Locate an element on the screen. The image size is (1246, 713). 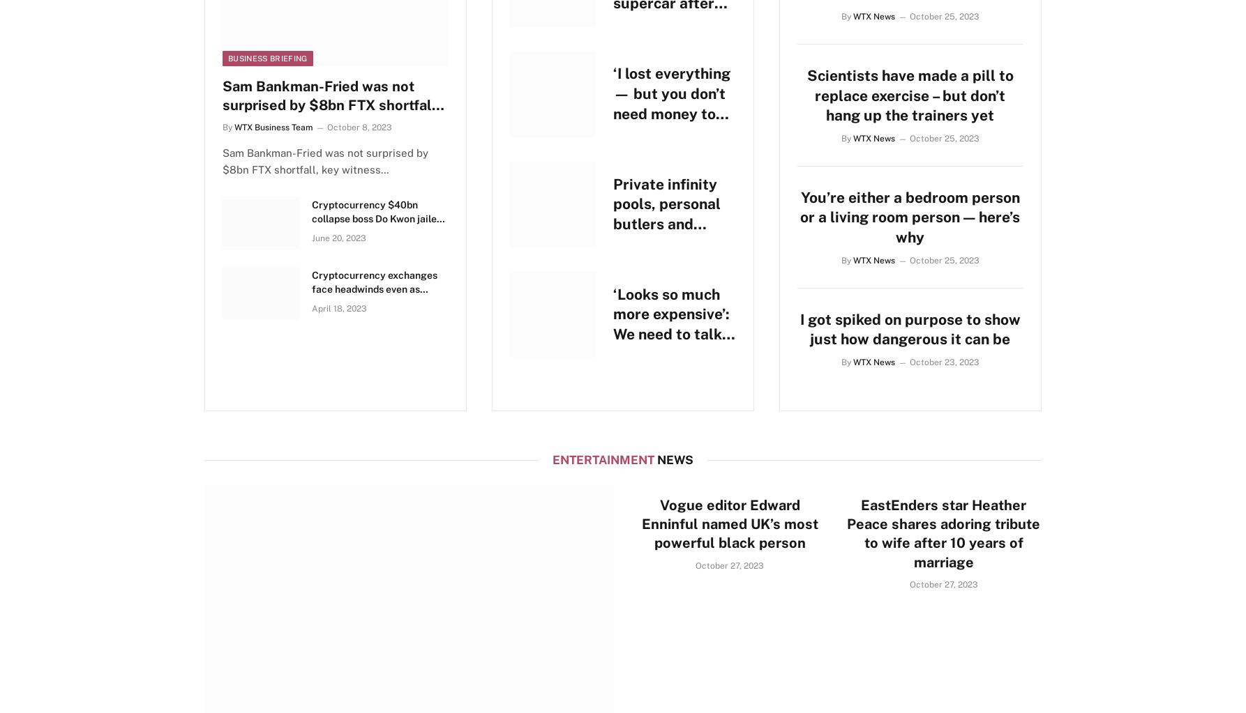
'Entertainment' is located at coordinates (551, 459).